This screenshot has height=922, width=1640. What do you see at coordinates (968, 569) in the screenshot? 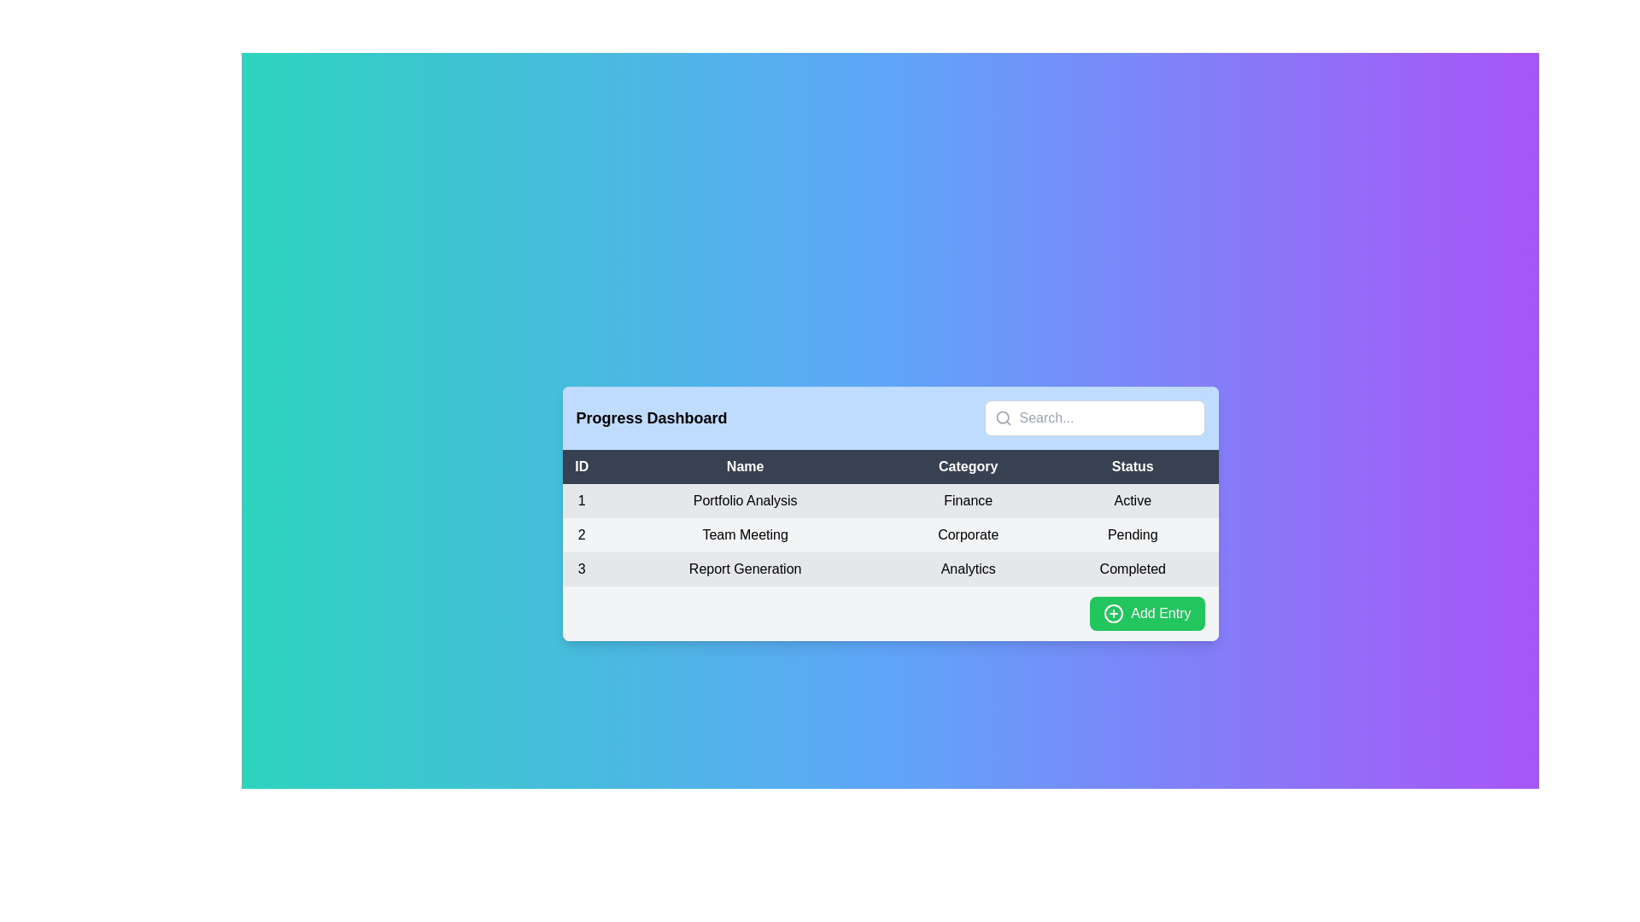
I see `the 'Analytics' text label in the 'Category' column of the third row of the table` at bounding box center [968, 569].